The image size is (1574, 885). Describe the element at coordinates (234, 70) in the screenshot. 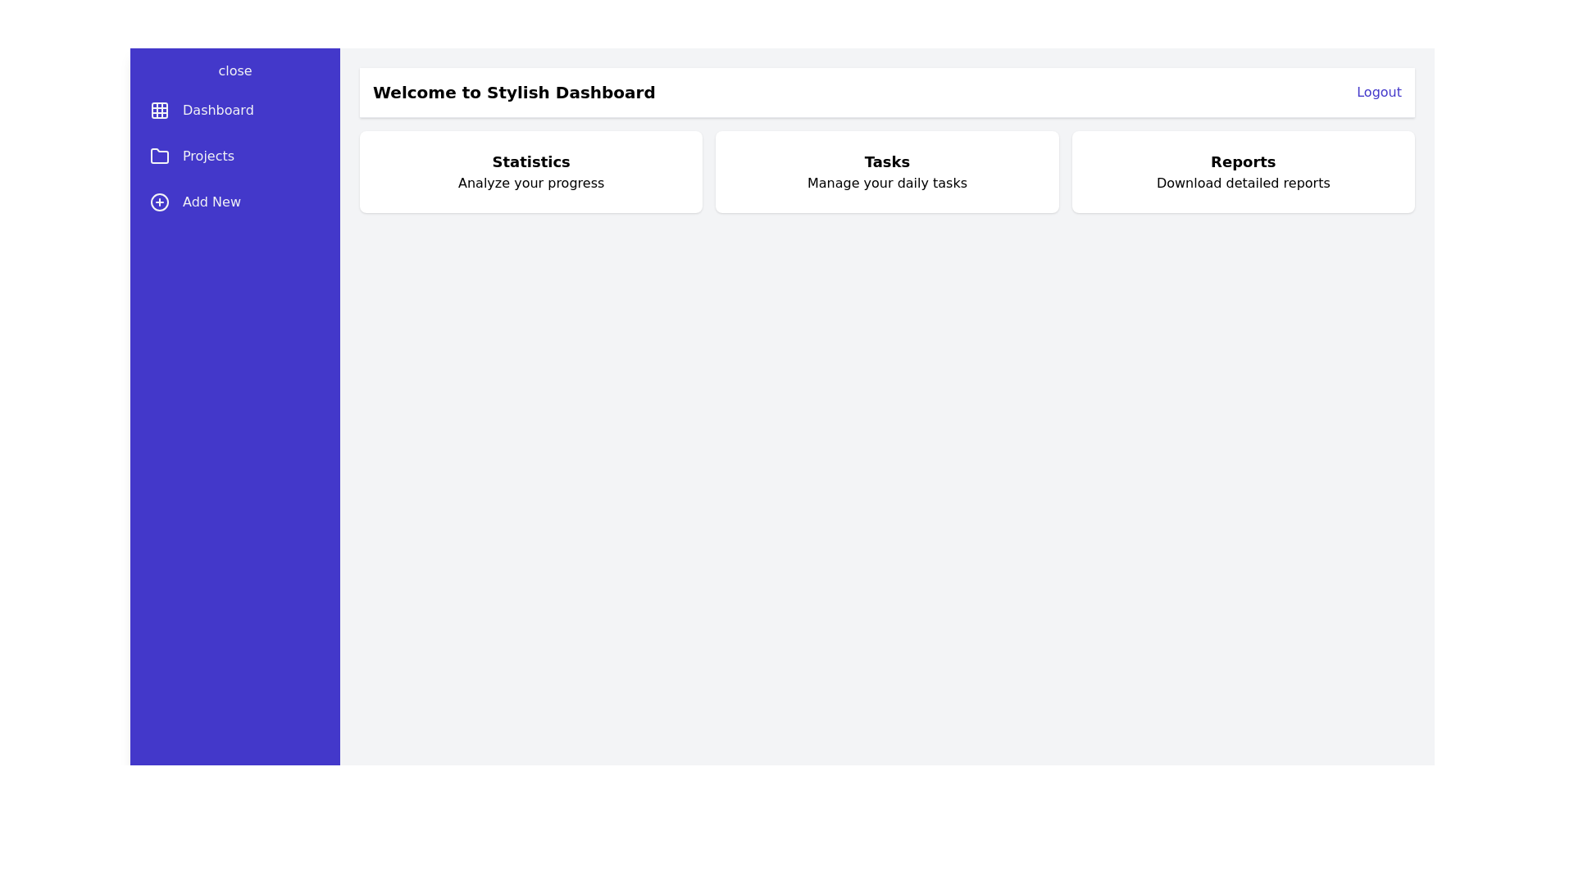

I see `the button-like clickable text element styled as an icon located in the upper-left section of the user interface` at that location.